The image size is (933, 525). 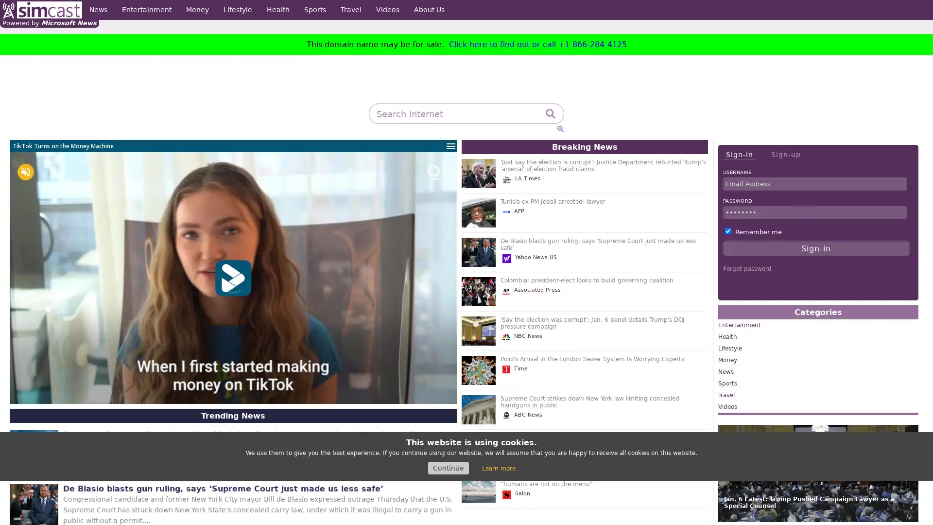 What do you see at coordinates (25, 172) in the screenshot?
I see `volume_offvolume_up` at bounding box center [25, 172].